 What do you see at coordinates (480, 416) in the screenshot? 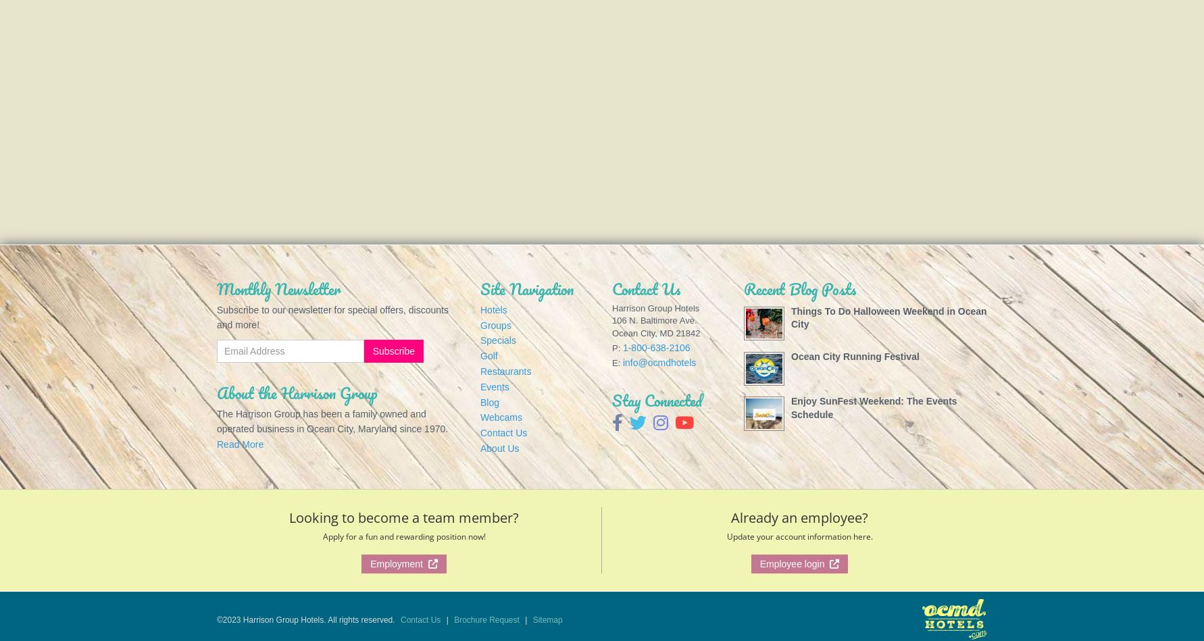
I see `'Webcams'` at bounding box center [480, 416].